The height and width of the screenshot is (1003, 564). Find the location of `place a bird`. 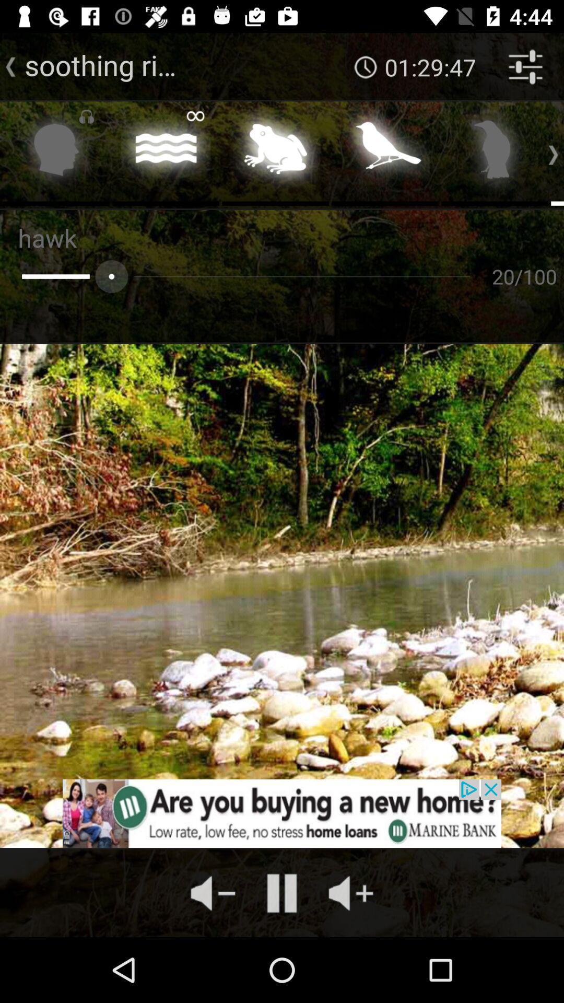

place a bird is located at coordinates (385, 152).